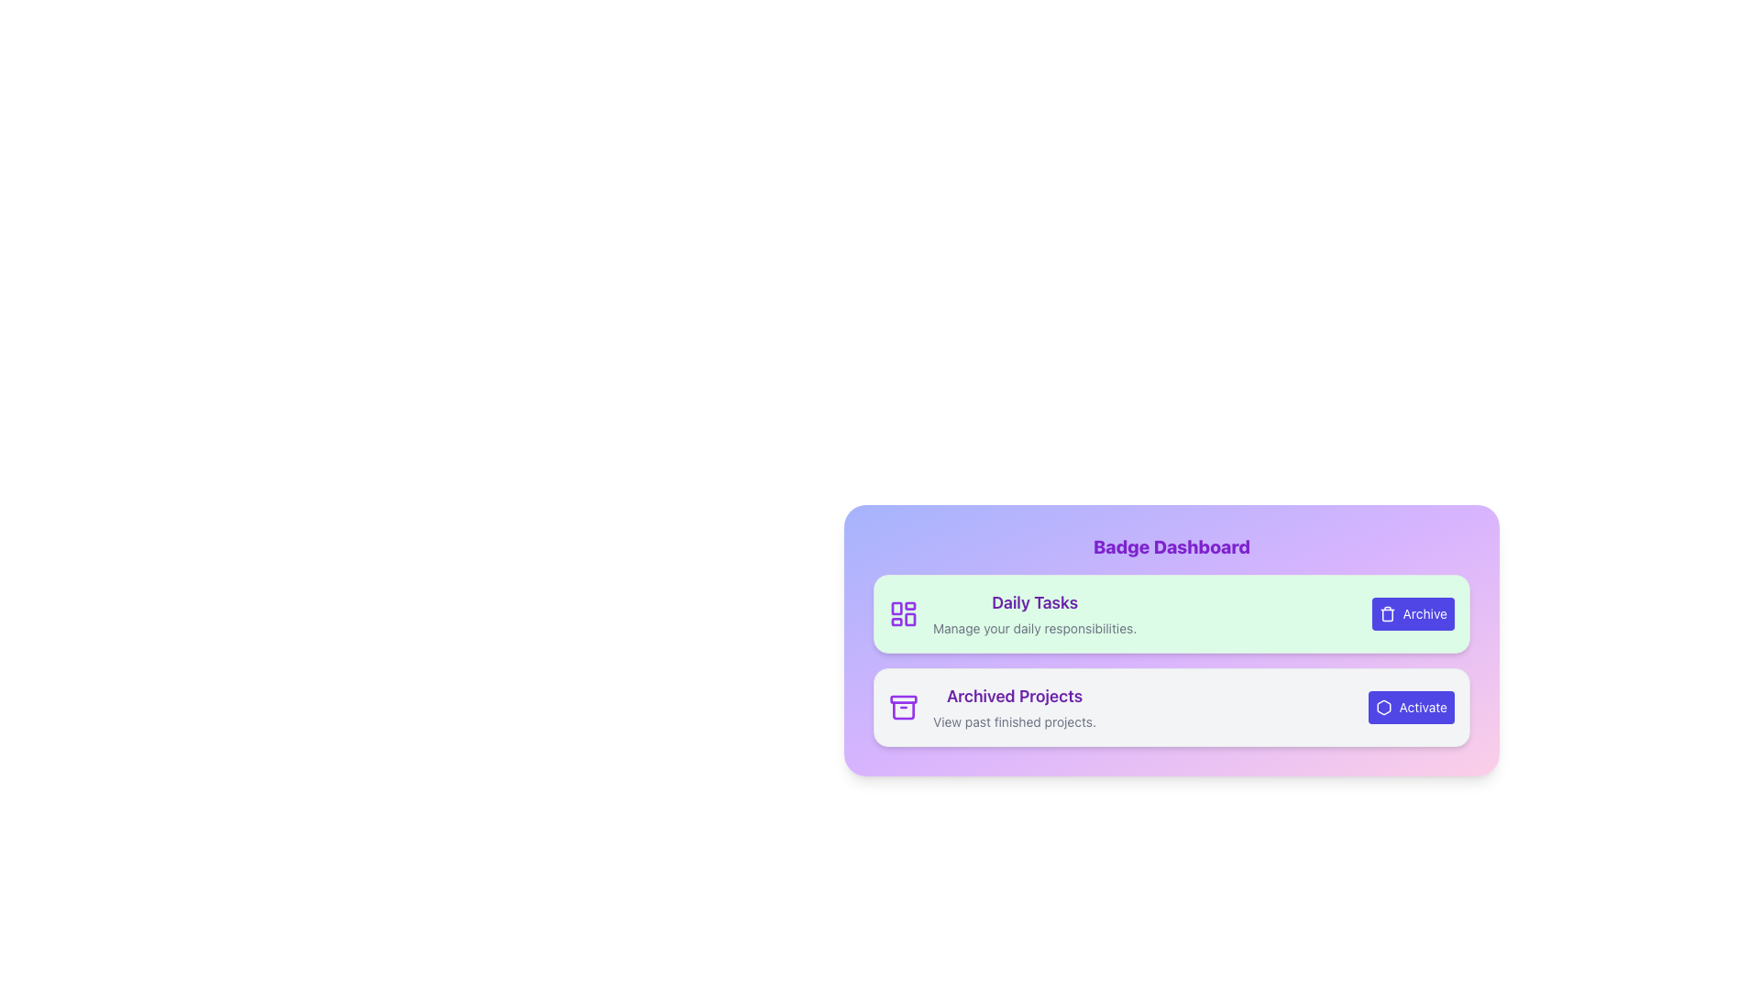  I want to click on the decorative SVG Icon within the 'Activate' button located in the bottom row, aligned to the right side of the row adjacent to the 'Archived Projects' text, so click(1383, 706).